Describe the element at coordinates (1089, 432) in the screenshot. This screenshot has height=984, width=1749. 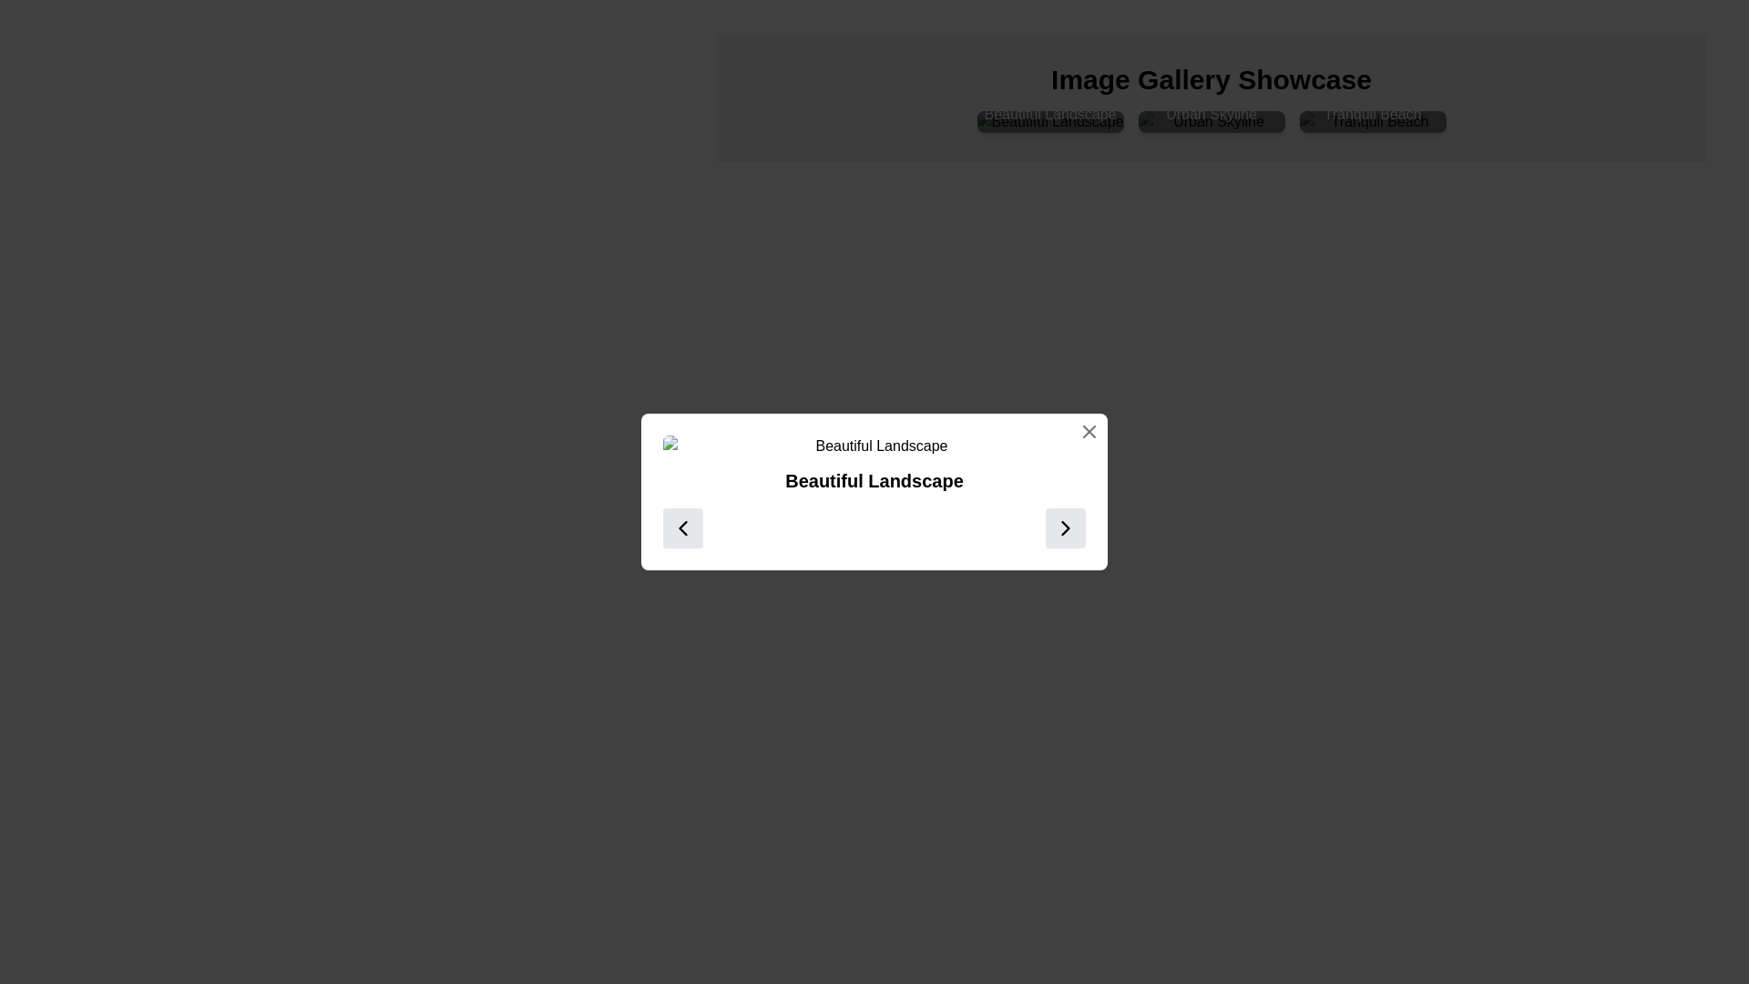
I see `the small 'X' icon button located at the top-right corner of the modal displaying information about 'Beautiful Landscape' to observe the color change upon hover` at that location.